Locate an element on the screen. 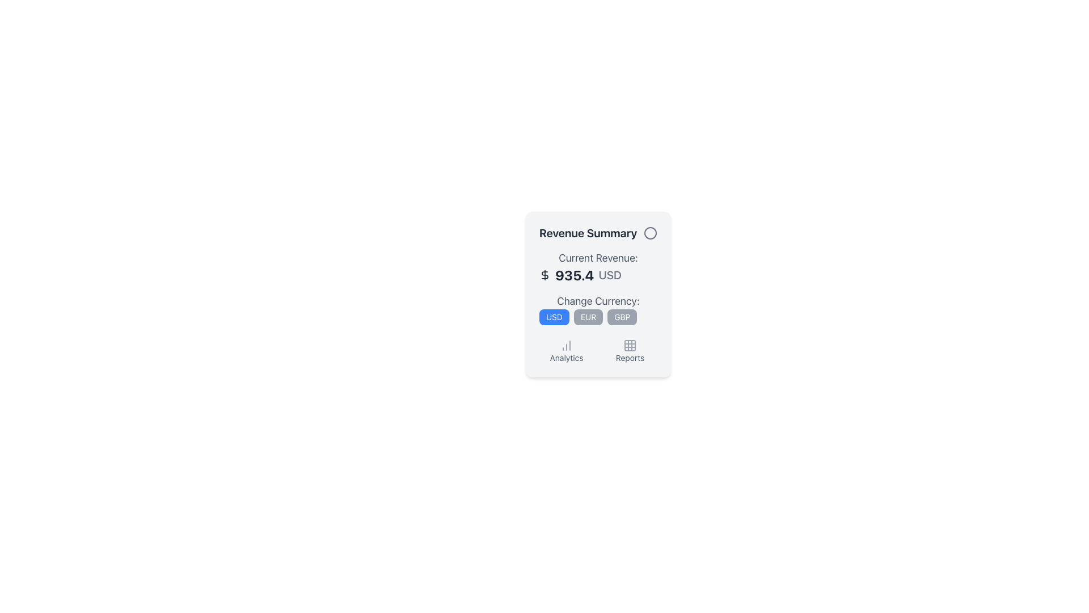 The width and height of the screenshot is (1089, 613). the button labeled 'GBP' is located at coordinates (622, 317).